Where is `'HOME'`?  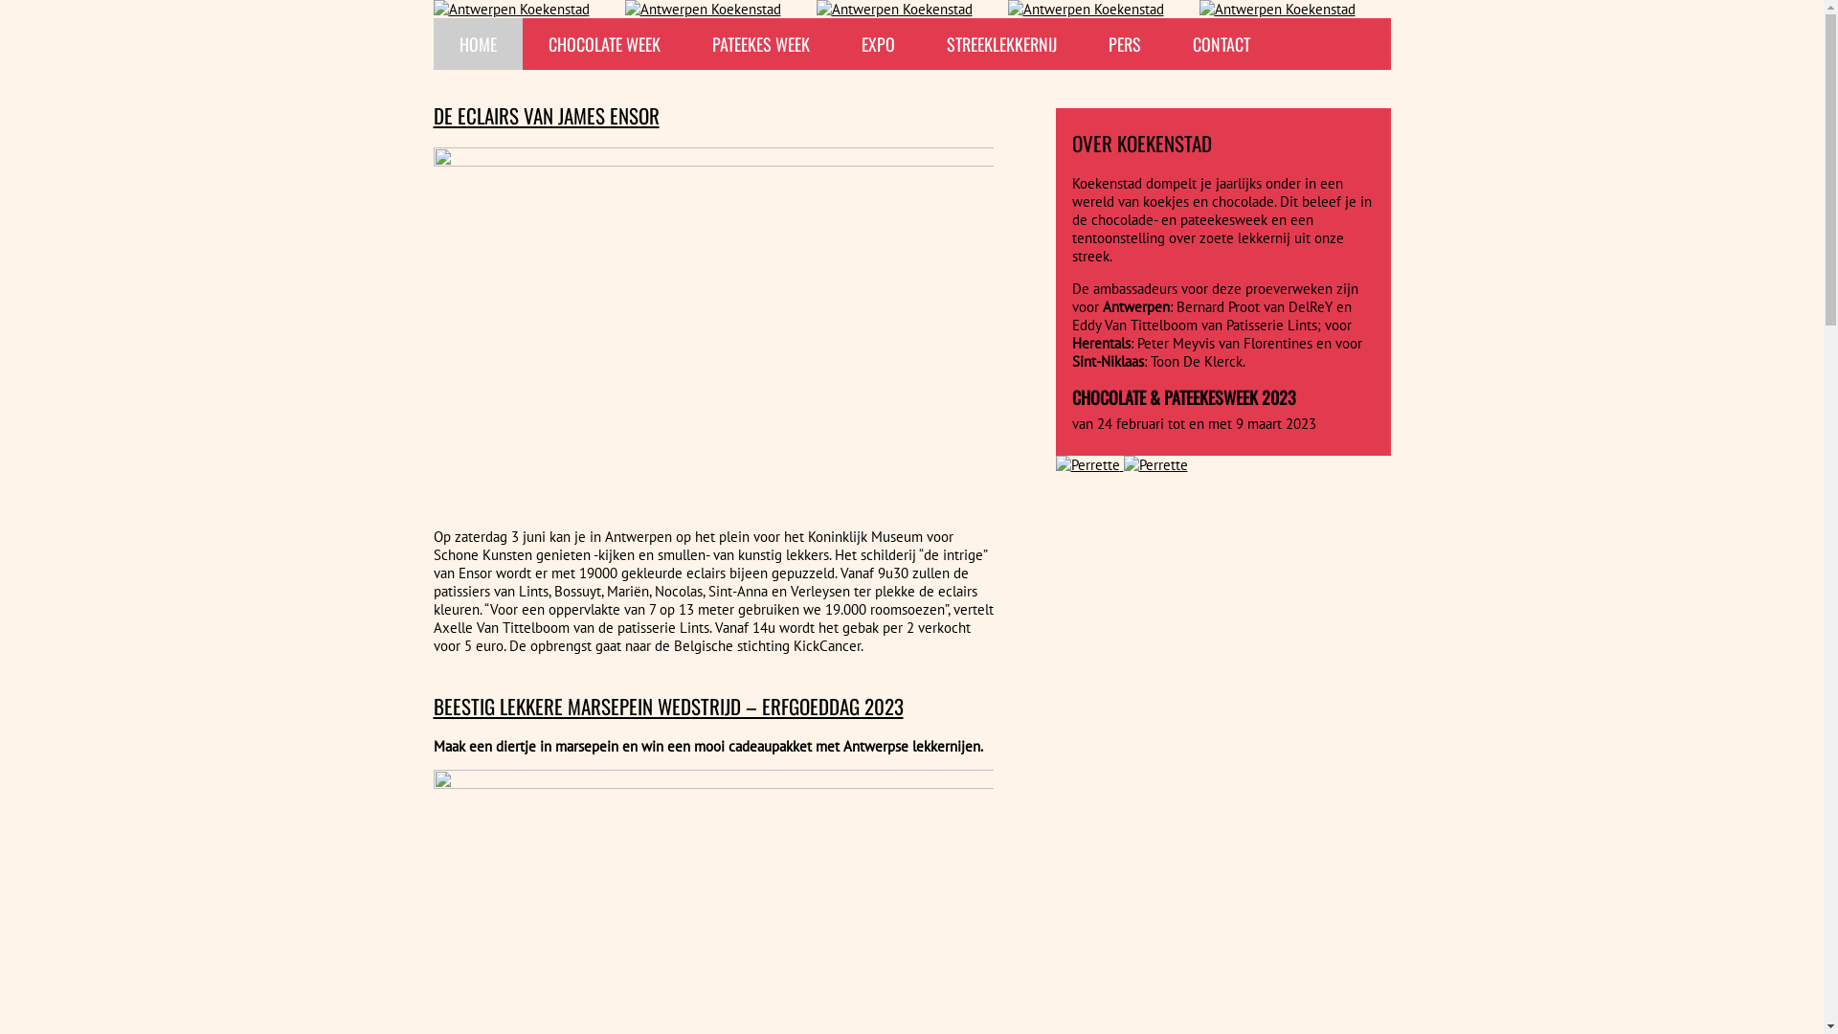
'HOME' is located at coordinates (477, 43).